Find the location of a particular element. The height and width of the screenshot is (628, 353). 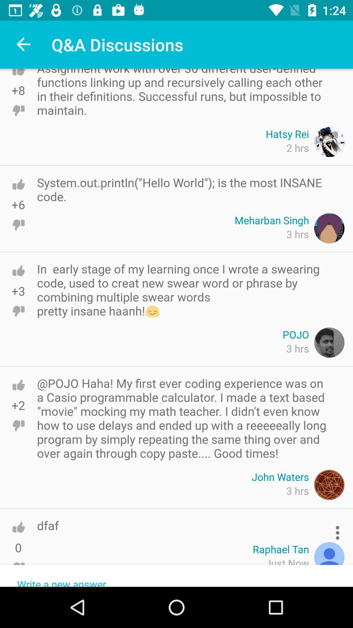

downvote is located at coordinates (18, 111).